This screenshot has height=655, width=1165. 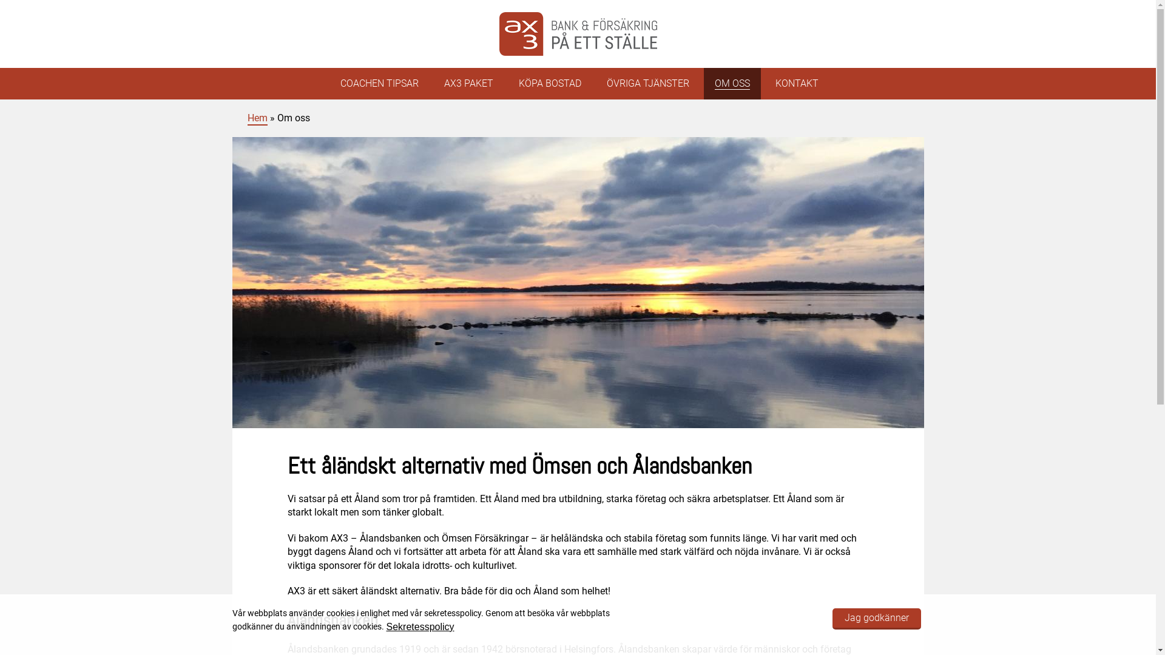 I want to click on 'AX3', so click(x=249, y=110).